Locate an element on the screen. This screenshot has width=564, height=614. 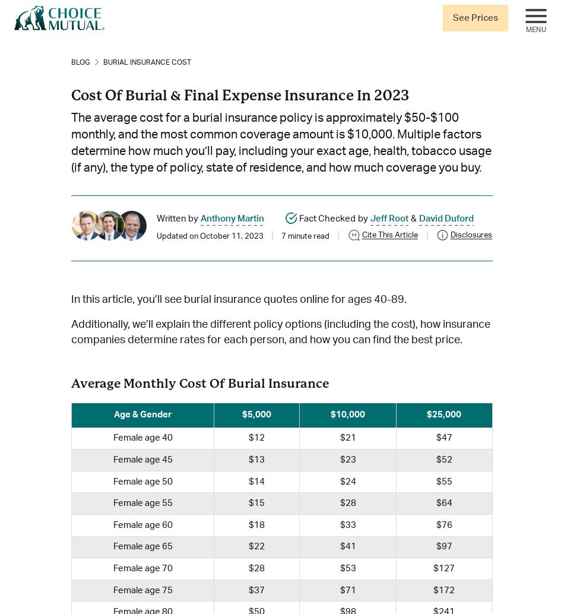
'Female age 60' is located at coordinates (141, 524).